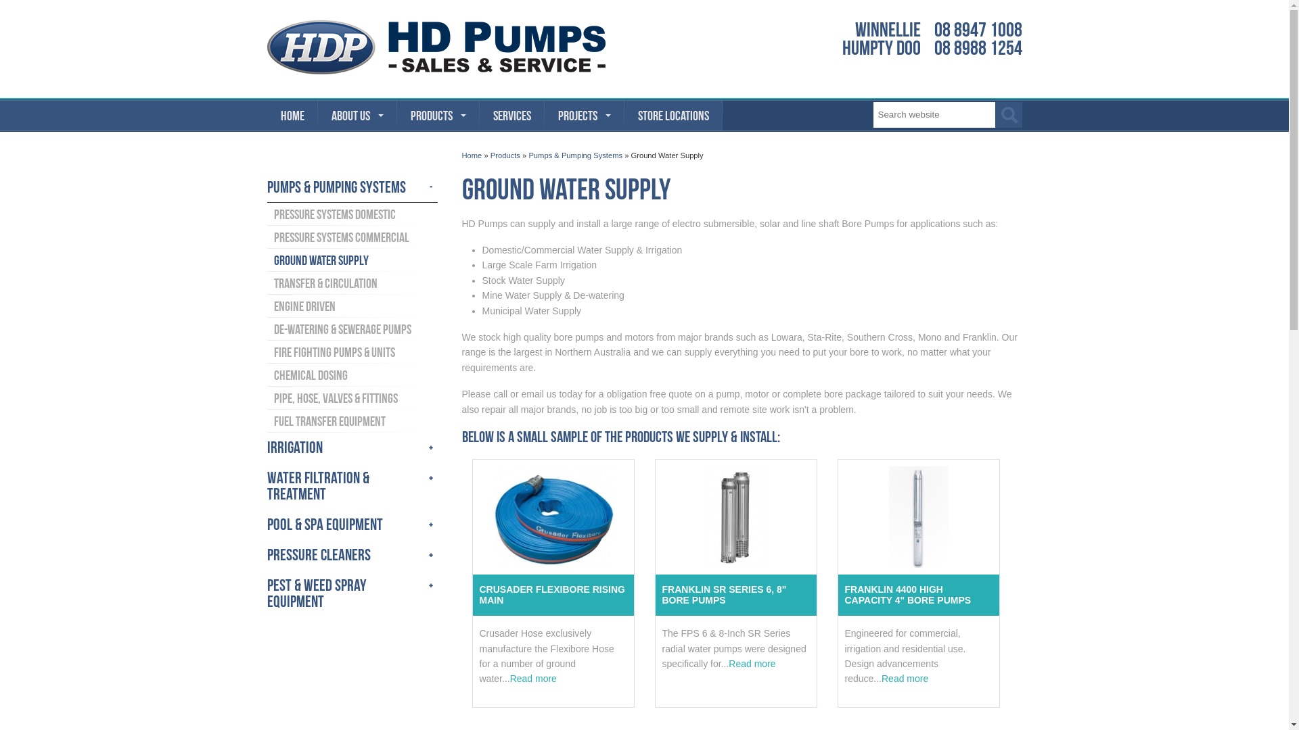 The width and height of the screenshot is (1299, 730). Describe the element at coordinates (266, 593) in the screenshot. I see `'PEST & WEED SPRAY EQUIPMENT'` at that location.